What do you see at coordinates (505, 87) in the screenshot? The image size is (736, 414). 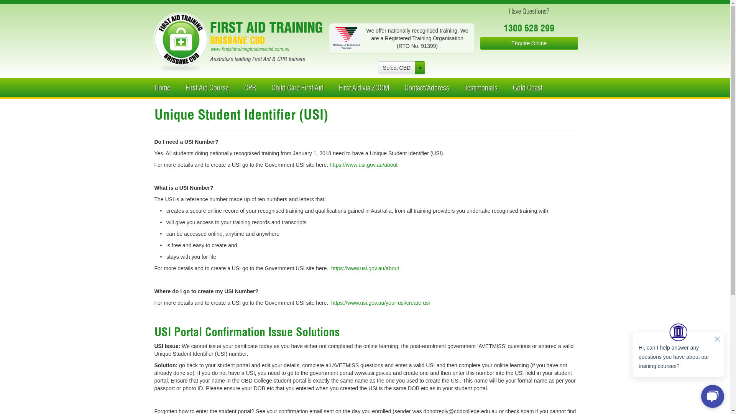 I see `'Gold Coast'` at bounding box center [505, 87].